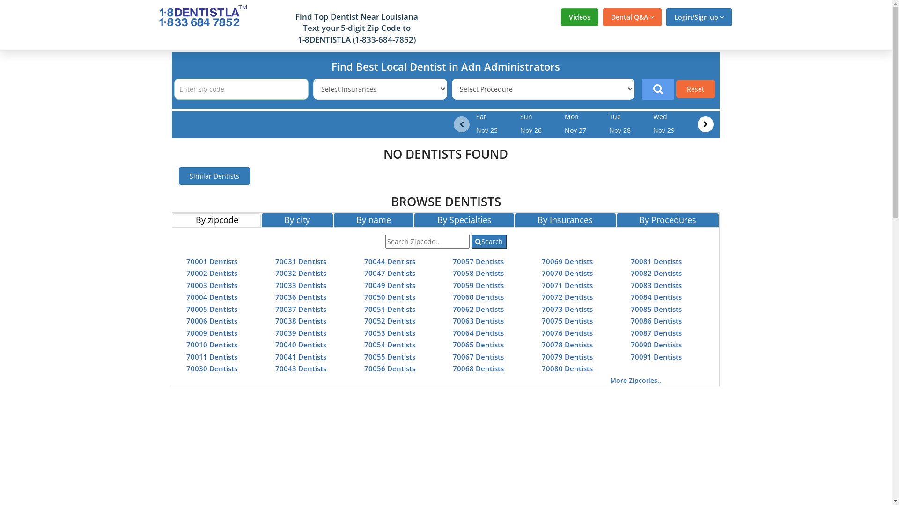 Image resolution: width=899 pixels, height=505 pixels. I want to click on '70075 Dentists', so click(567, 320).